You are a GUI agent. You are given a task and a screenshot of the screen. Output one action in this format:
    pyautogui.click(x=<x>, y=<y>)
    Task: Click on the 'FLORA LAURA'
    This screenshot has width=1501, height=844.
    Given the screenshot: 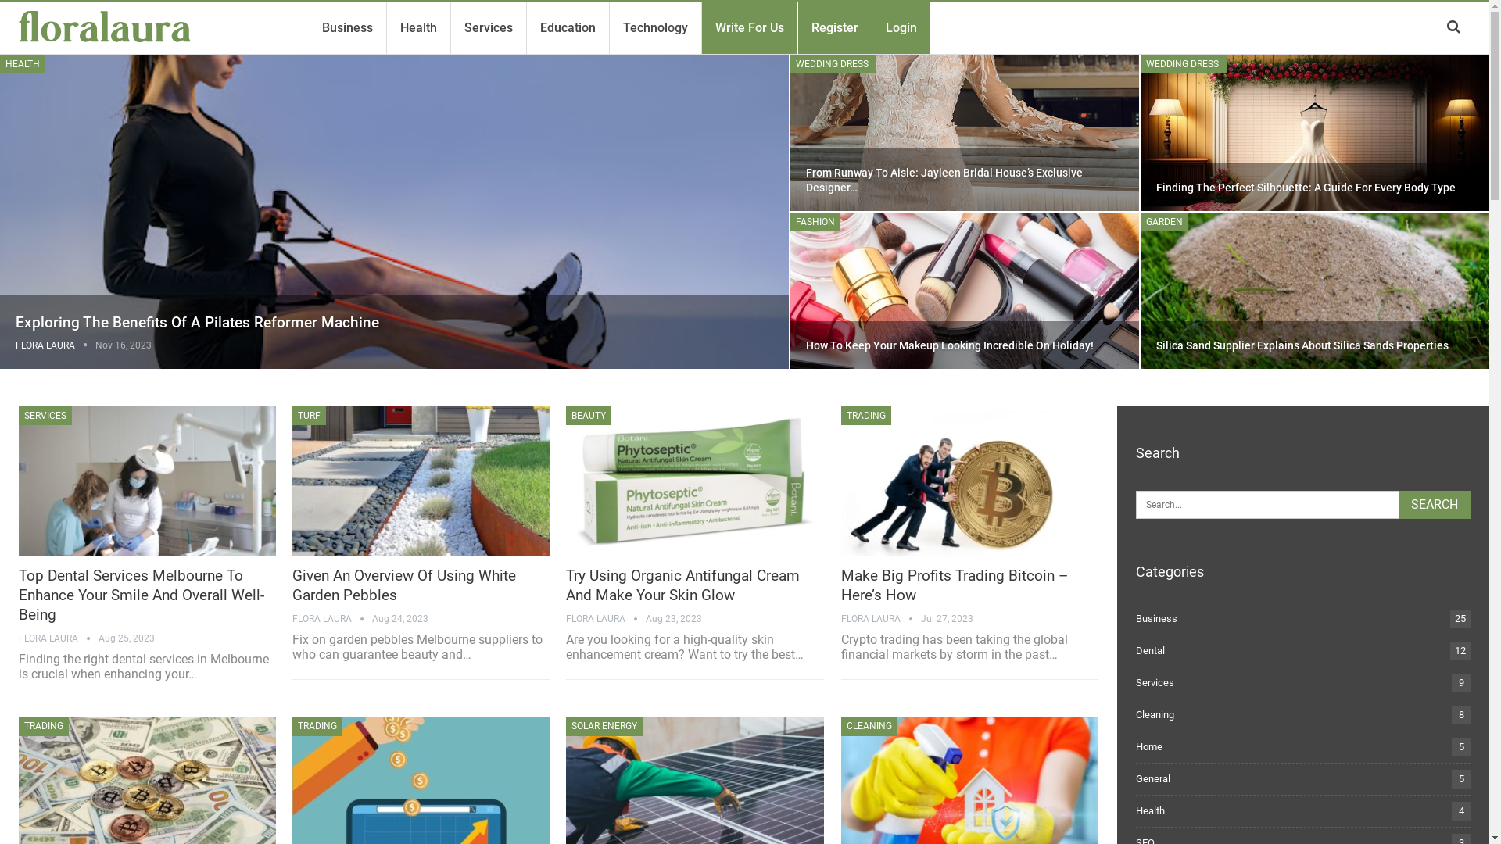 What is the action you would take?
    pyautogui.click(x=331, y=617)
    